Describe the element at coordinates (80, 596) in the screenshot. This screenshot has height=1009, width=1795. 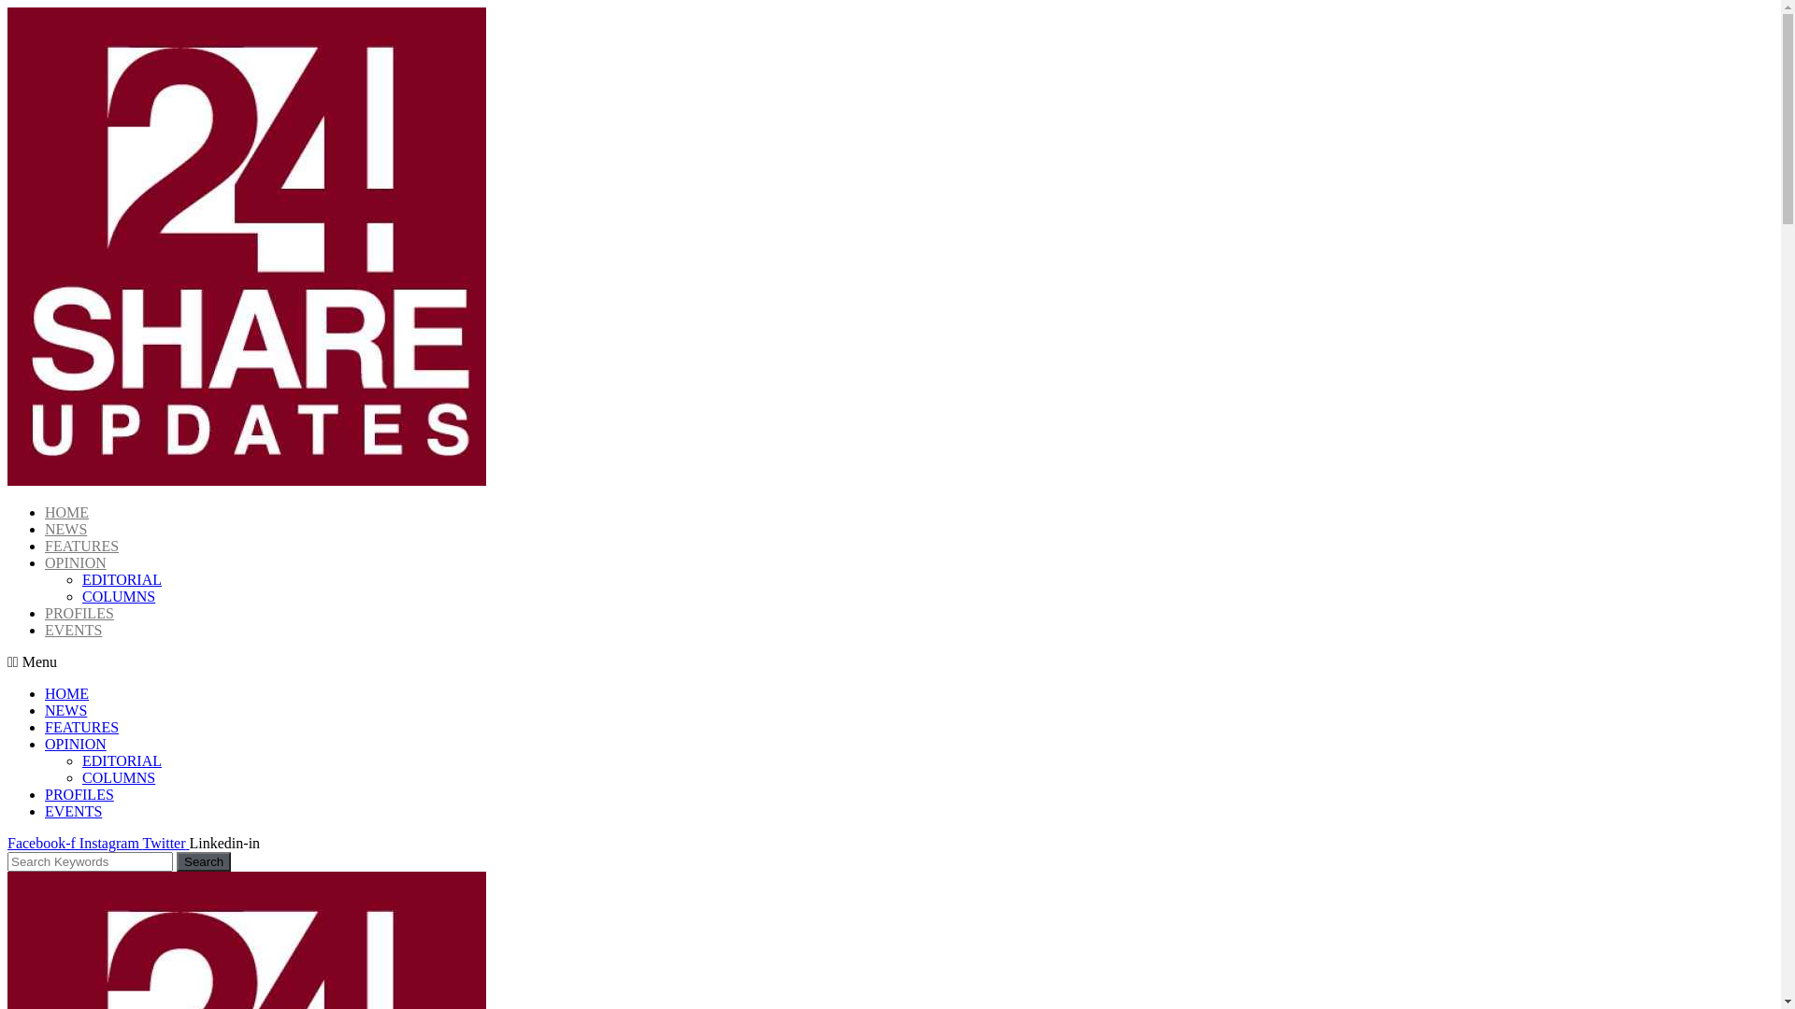
I see `'COLUMNS'` at that location.